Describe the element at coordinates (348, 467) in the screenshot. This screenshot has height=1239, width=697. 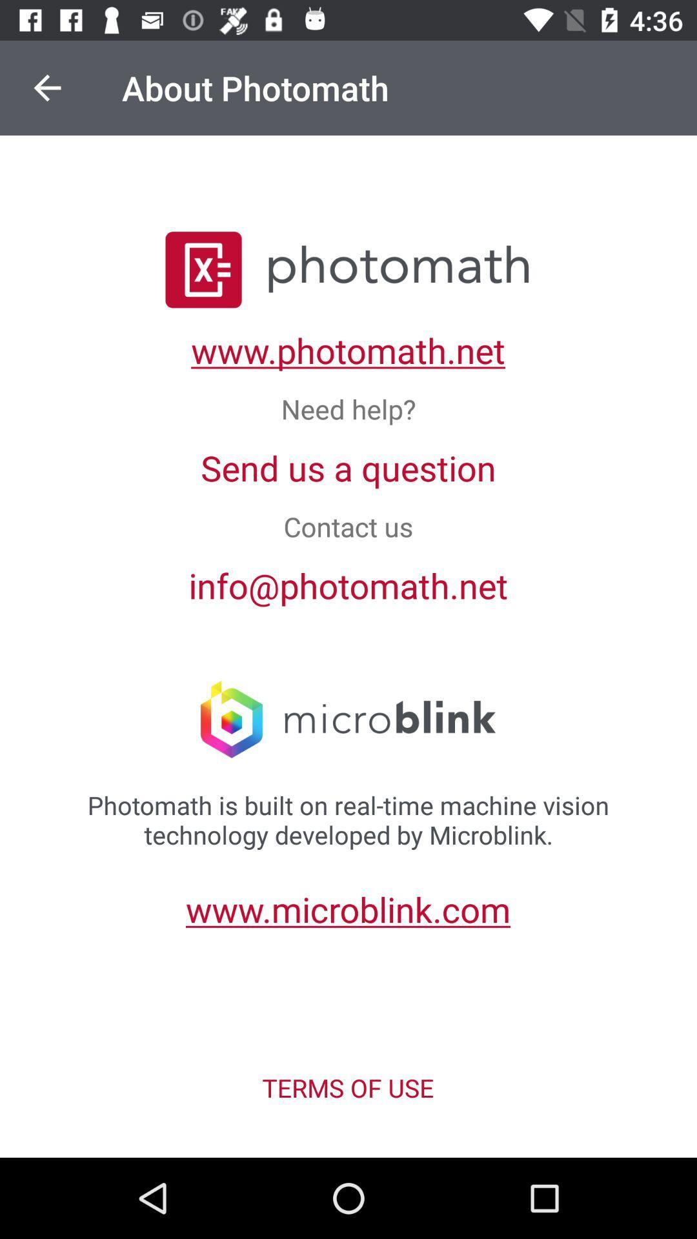
I see `item above the contact us icon` at that location.